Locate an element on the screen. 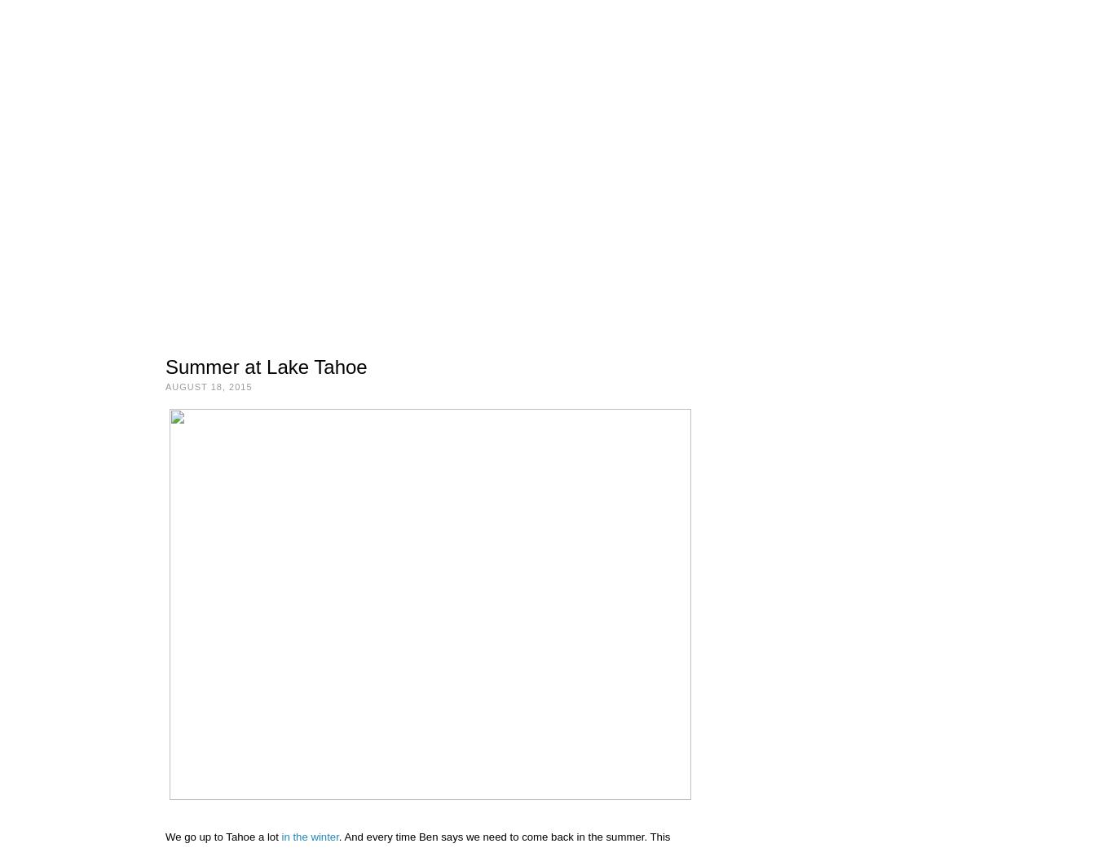  'Photos' is located at coordinates (222, 282).